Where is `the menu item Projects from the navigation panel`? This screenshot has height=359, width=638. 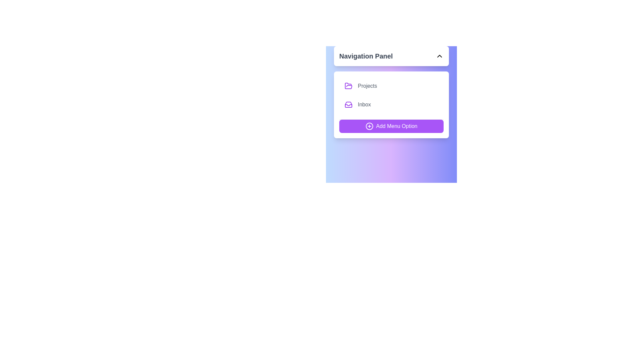 the menu item Projects from the navigation panel is located at coordinates (391, 85).